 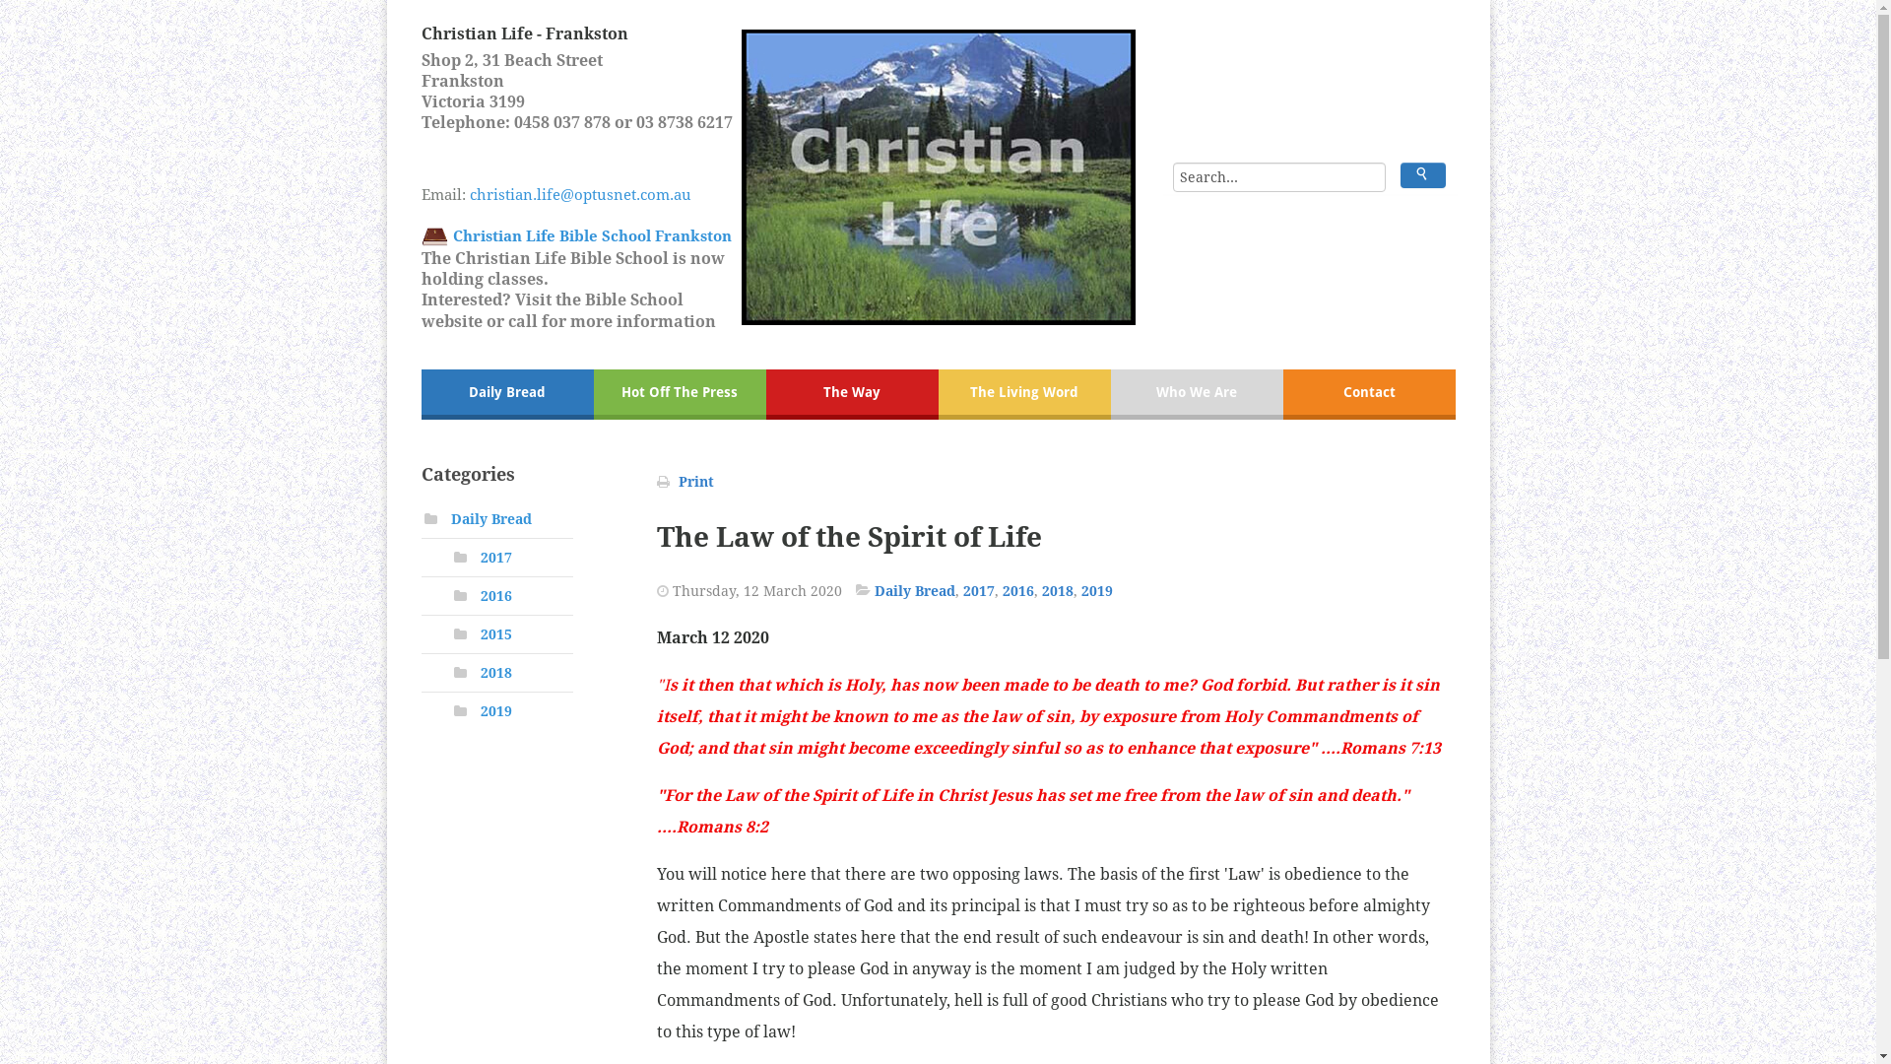 What do you see at coordinates (603, 205) in the screenshot?
I see `'christian.life@optusnet.com.au'` at bounding box center [603, 205].